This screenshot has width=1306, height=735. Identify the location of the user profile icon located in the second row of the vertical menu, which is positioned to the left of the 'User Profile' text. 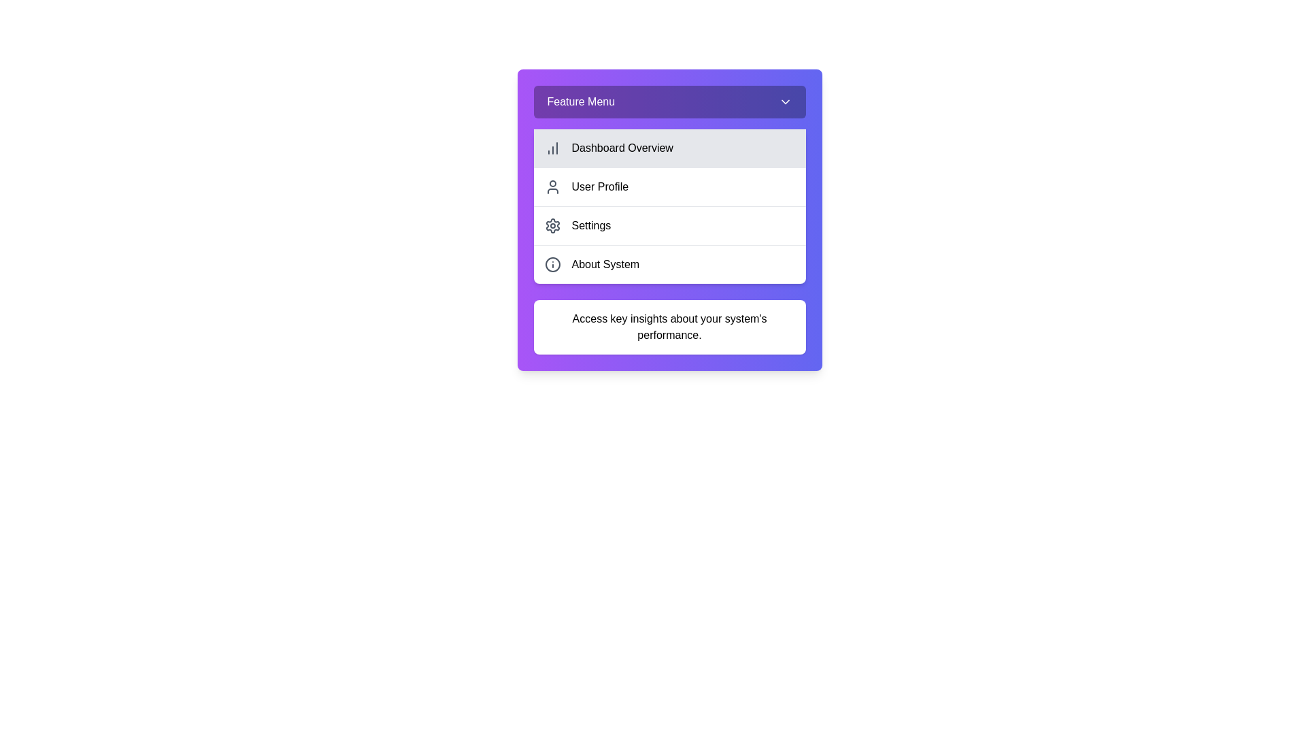
(552, 186).